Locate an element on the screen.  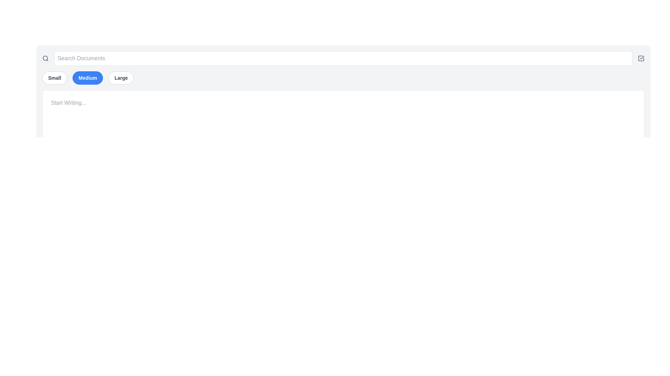
the search function icon located to the left of the search bar input field is located at coordinates (45, 58).